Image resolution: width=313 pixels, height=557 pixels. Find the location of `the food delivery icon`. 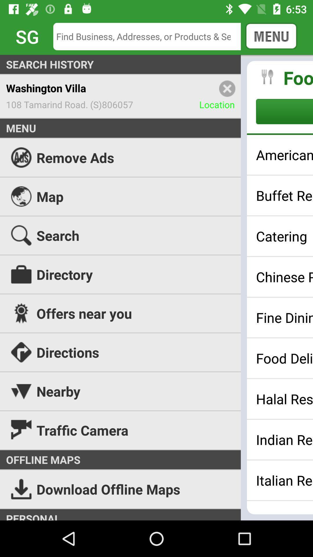

the food delivery icon is located at coordinates (284, 358).